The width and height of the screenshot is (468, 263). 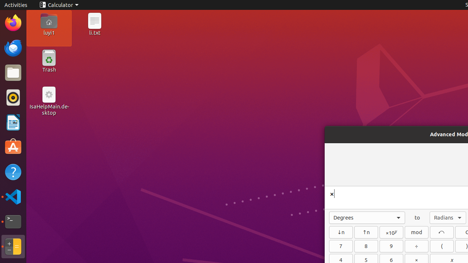 What do you see at coordinates (366, 246) in the screenshot?
I see `'8'` at bounding box center [366, 246].